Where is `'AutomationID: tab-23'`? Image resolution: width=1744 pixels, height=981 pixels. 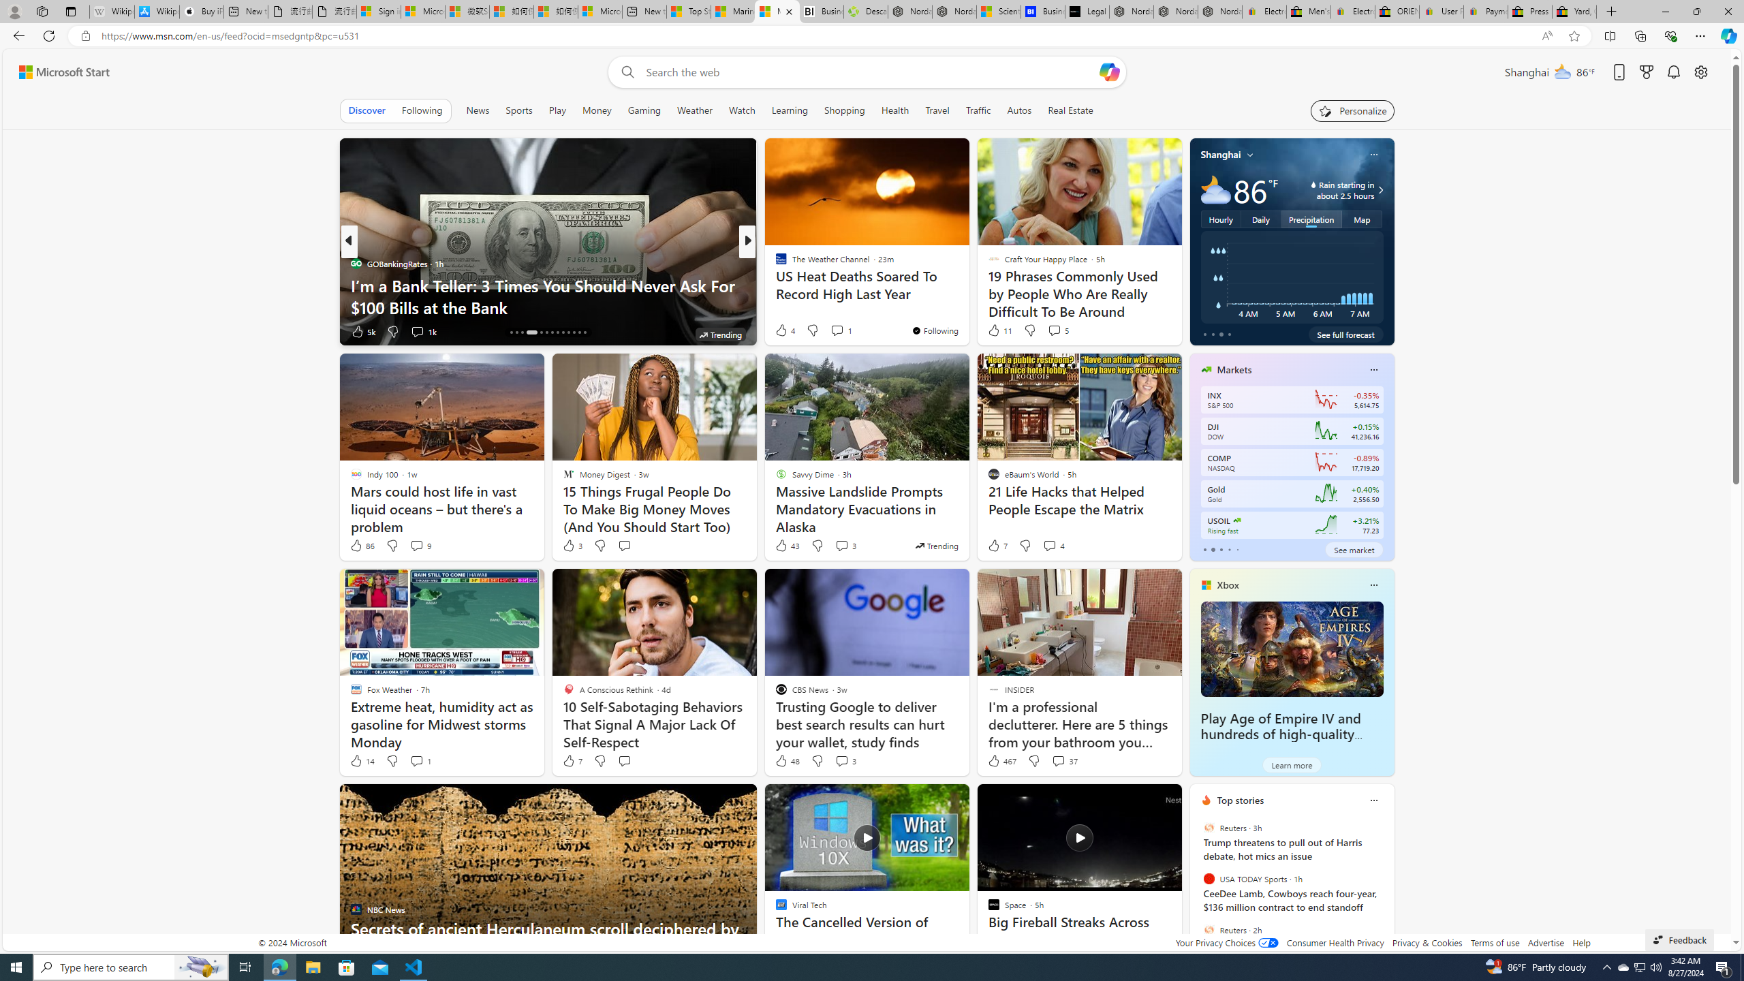 'AutomationID: tab-23' is located at coordinates (567, 332).